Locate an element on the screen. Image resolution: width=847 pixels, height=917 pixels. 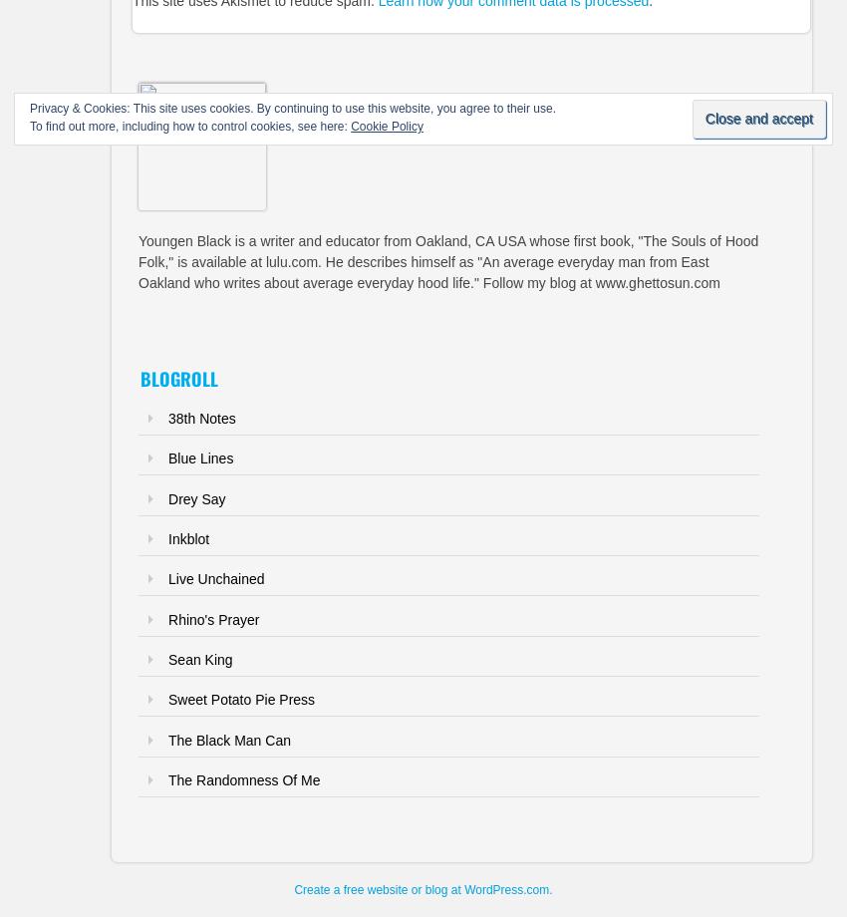
'Create a free website or blog at WordPress.com.' is located at coordinates (423, 889).